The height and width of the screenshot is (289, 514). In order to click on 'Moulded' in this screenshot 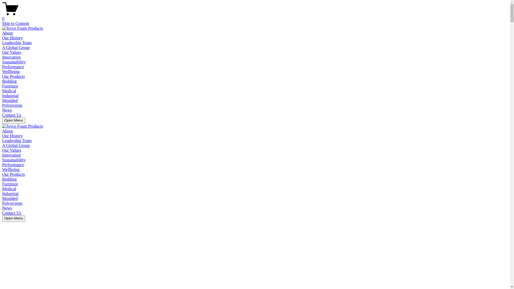, I will do `click(10, 100)`.